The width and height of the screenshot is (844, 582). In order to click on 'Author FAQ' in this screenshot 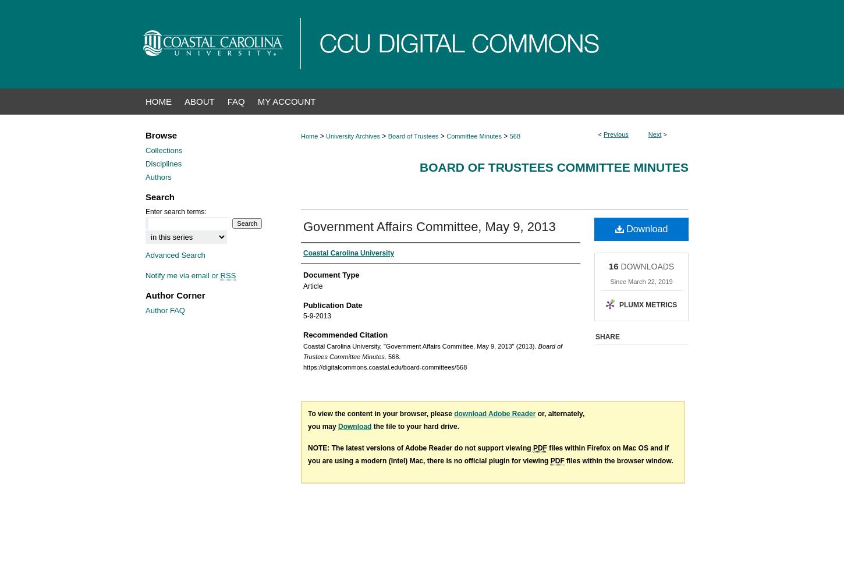, I will do `click(145, 310)`.